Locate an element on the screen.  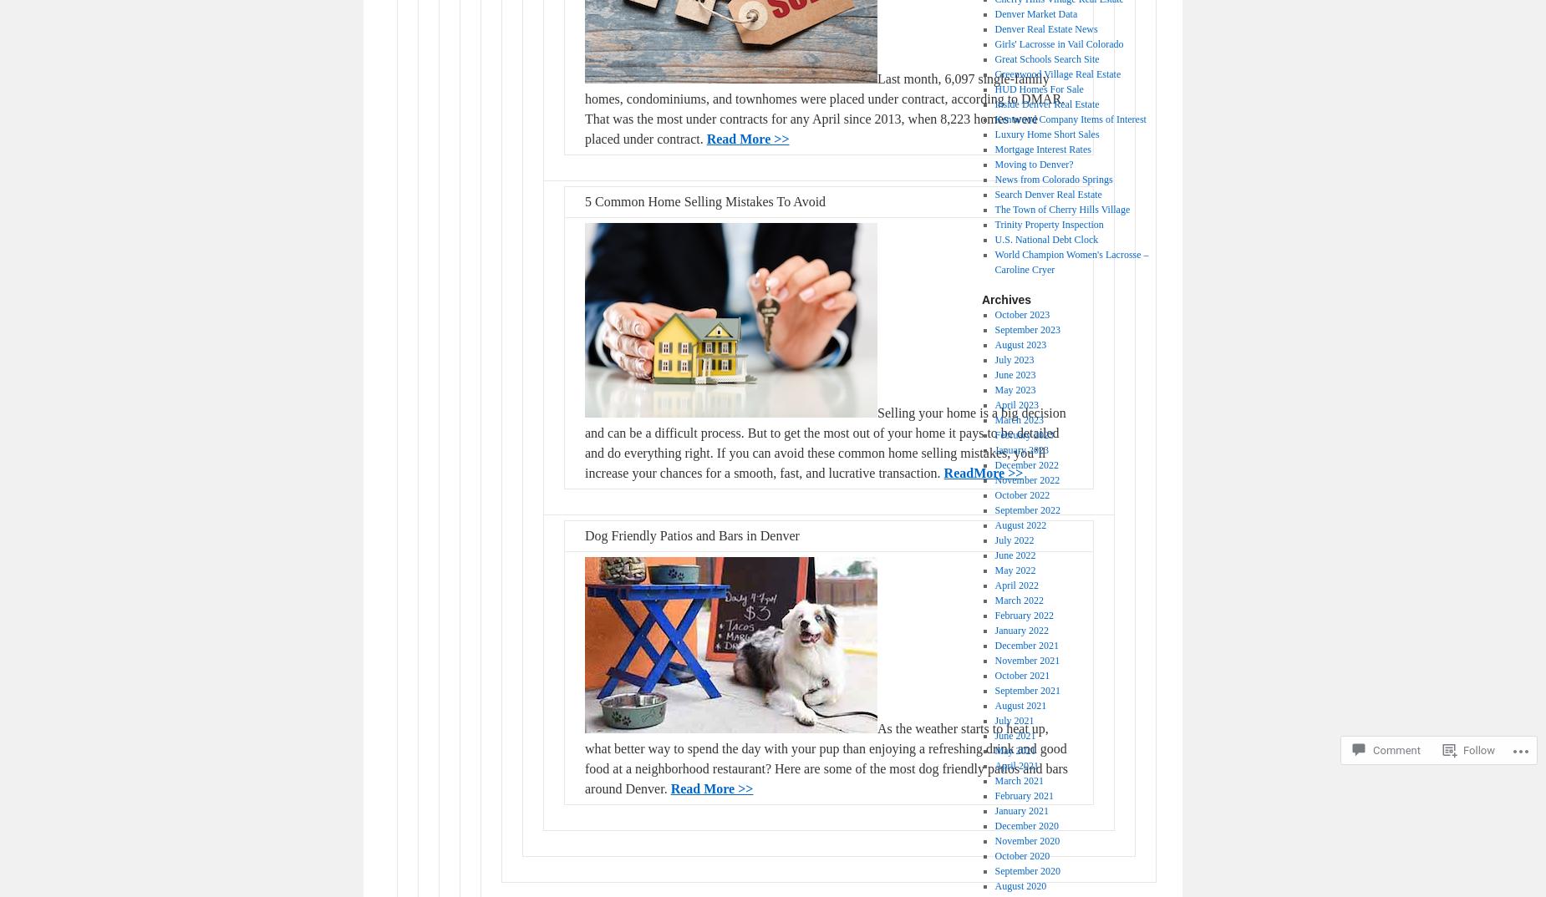
'February 2021' is located at coordinates (1023, 795).